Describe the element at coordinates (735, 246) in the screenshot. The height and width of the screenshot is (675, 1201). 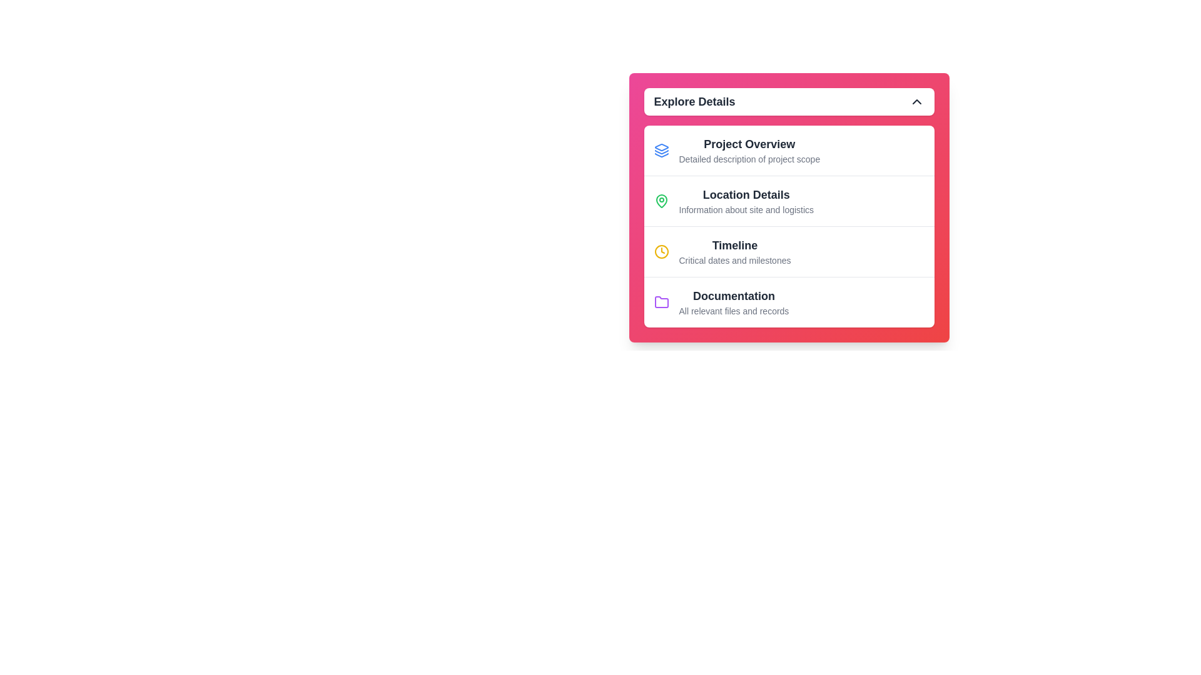
I see `the heading text for the 'Timeline' section in the 'Explore Details' panel, which is associated with the clock icon and the description 'Critical dates and milestones'` at that location.